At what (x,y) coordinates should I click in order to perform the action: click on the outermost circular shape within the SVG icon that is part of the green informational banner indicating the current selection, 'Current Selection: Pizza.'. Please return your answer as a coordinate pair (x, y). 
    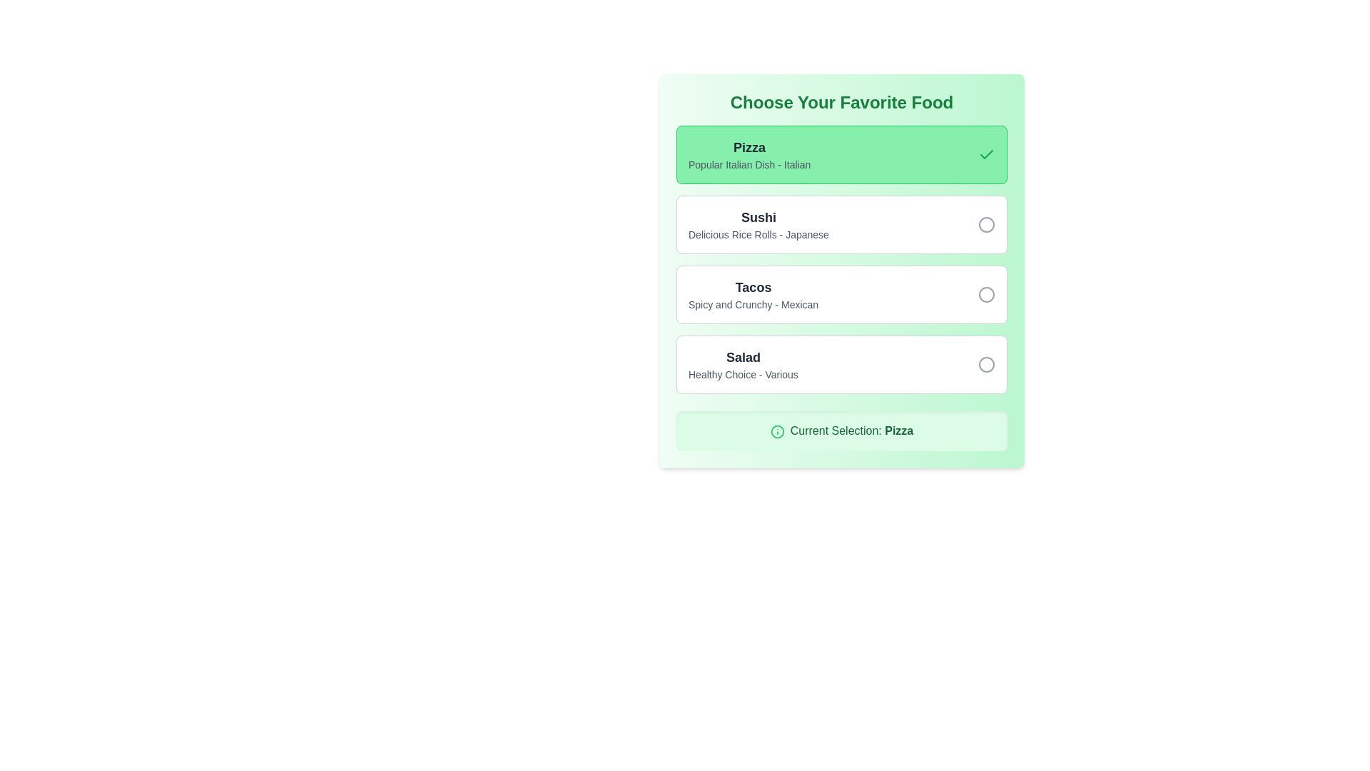
    Looking at the image, I should click on (776, 430).